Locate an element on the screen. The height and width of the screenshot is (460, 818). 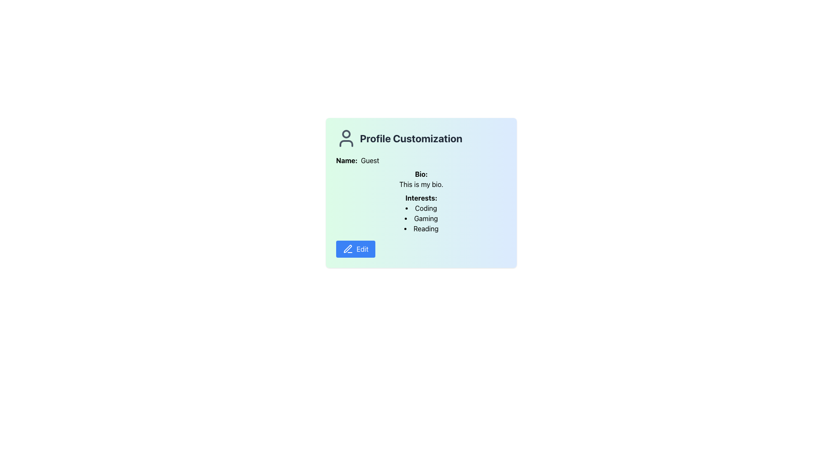
the text content displaying a list of interests in the user profile, which is located beneath the 'Bio' section is located at coordinates (421, 213).